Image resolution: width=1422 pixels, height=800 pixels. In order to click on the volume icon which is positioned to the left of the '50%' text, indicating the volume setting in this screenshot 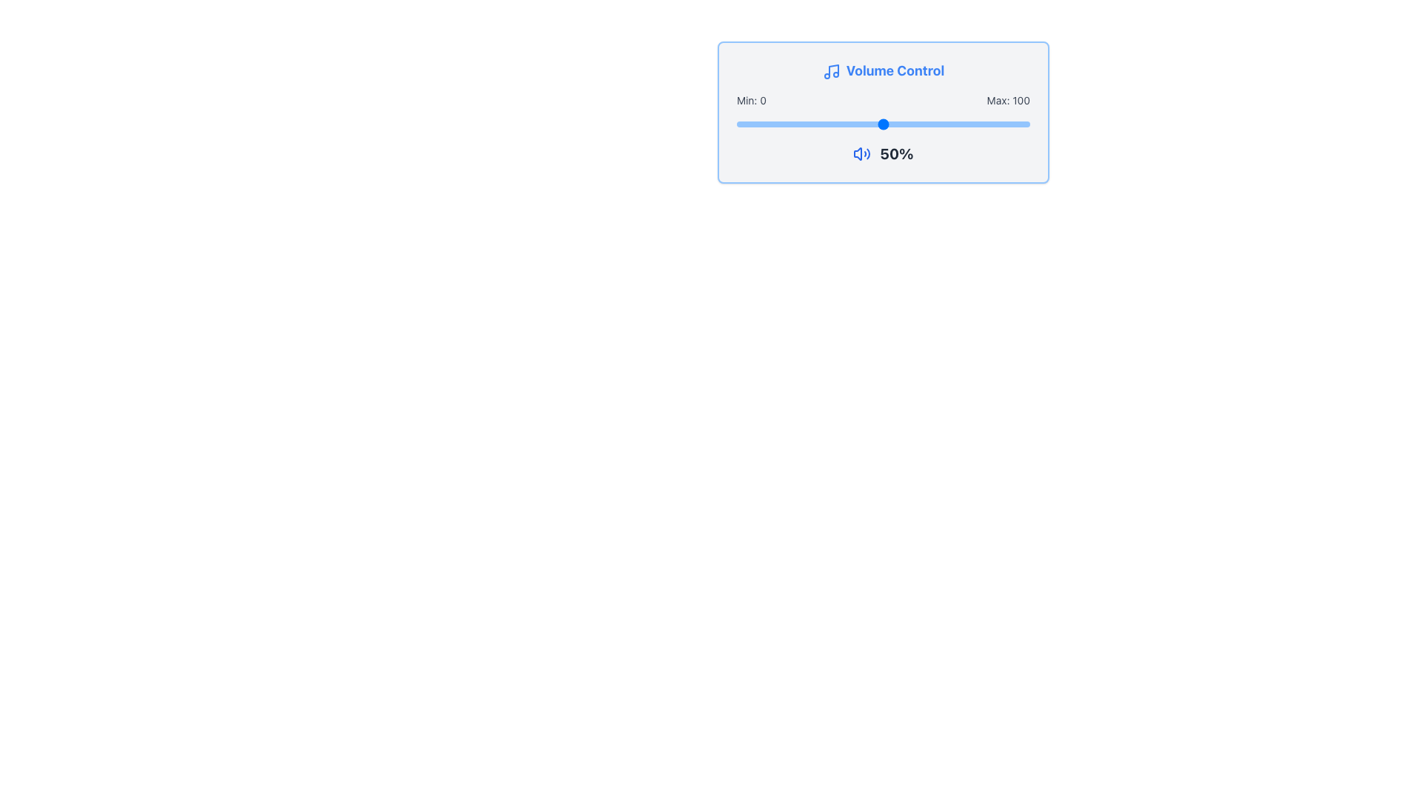, I will do `click(862, 154)`.